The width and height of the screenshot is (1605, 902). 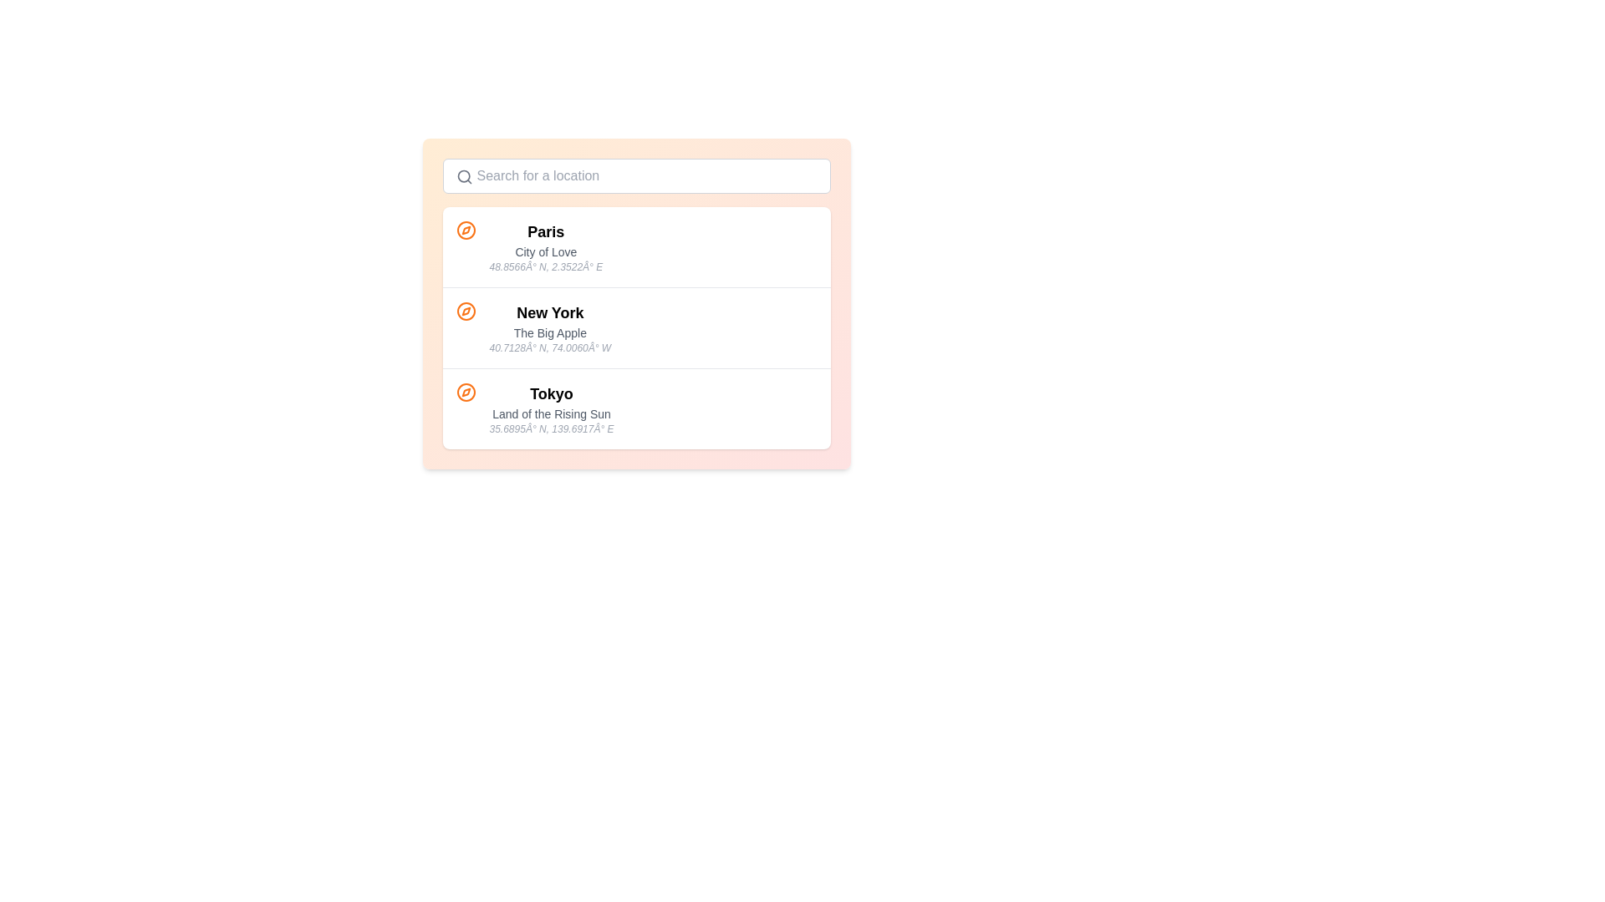 What do you see at coordinates (635, 408) in the screenshot?
I see `the third Content card` at bounding box center [635, 408].